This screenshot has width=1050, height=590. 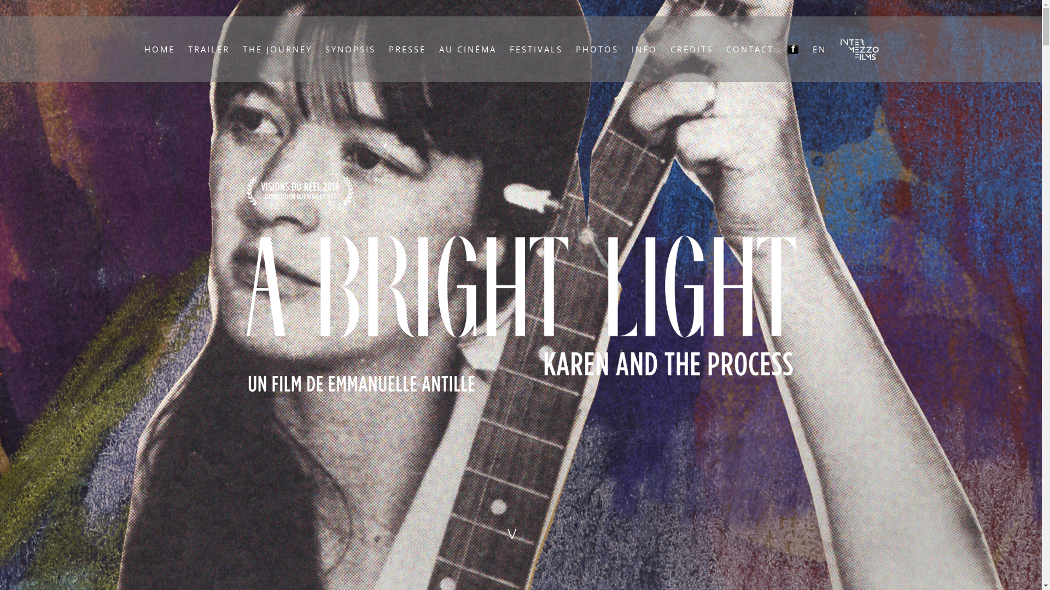 I want to click on 'THE JOURNEY', so click(x=277, y=48).